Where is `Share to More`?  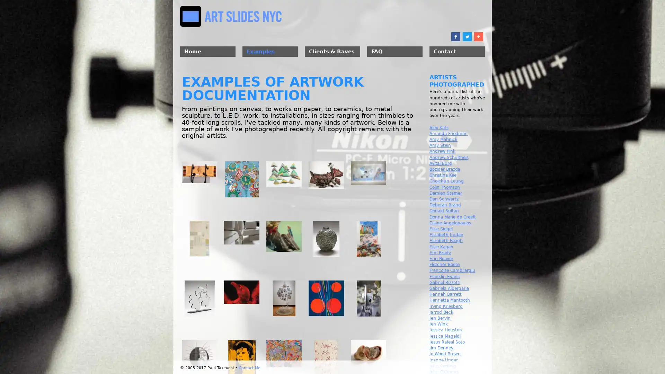
Share to More is located at coordinates (479, 36).